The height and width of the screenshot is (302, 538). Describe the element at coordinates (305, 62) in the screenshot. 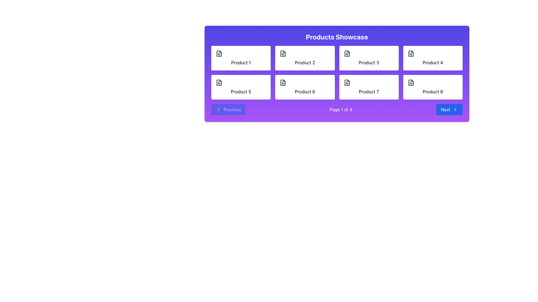

I see `the text label displaying 'Product 2'` at that location.